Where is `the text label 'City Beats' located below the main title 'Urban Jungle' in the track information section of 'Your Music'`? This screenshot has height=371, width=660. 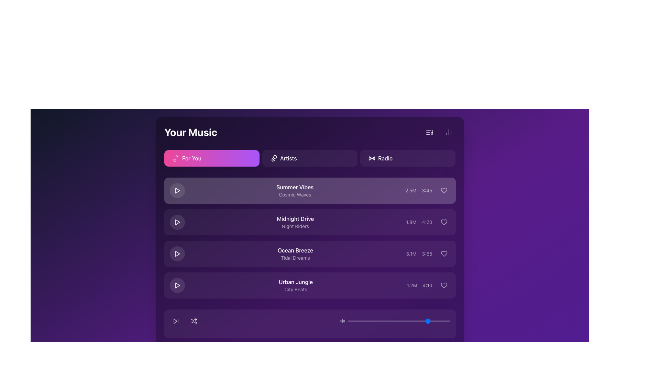 the text label 'City Beats' located below the main title 'Urban Jungle' in the track information section of 'Your Music' is located at coordinates (296, 290).